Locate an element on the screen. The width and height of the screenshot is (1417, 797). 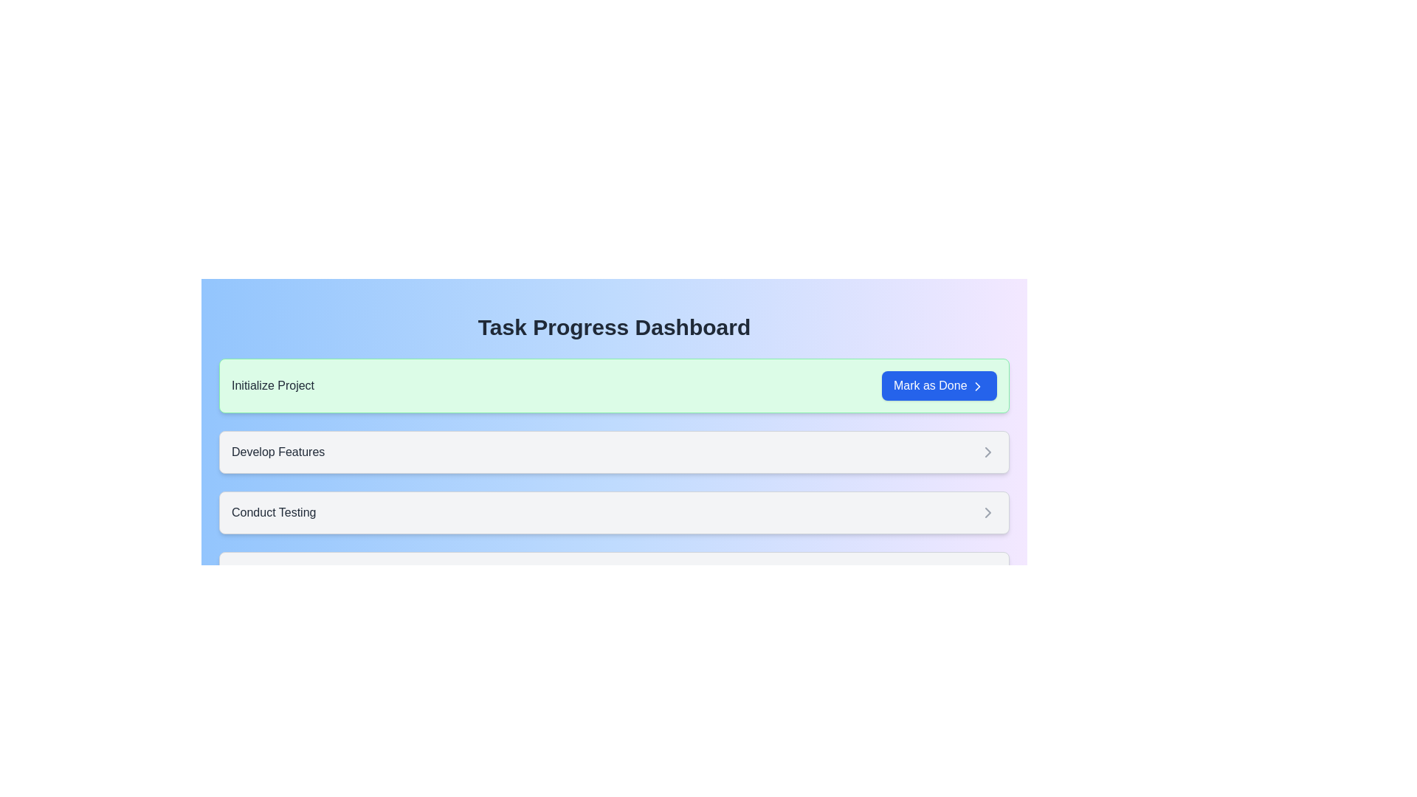
the 'Conduct Testing' static text label, which identifies a task within the task management interface and is positioned to the left of a right-facing chevron icon is located at coordinates (274, 511).